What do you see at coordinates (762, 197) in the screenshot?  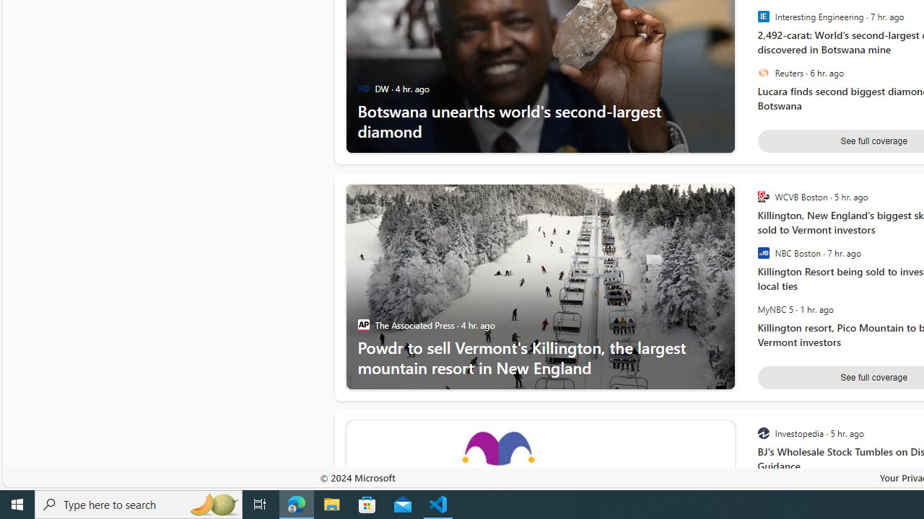 I see `'WCVB Boston'` at bounding box center [762, 197].